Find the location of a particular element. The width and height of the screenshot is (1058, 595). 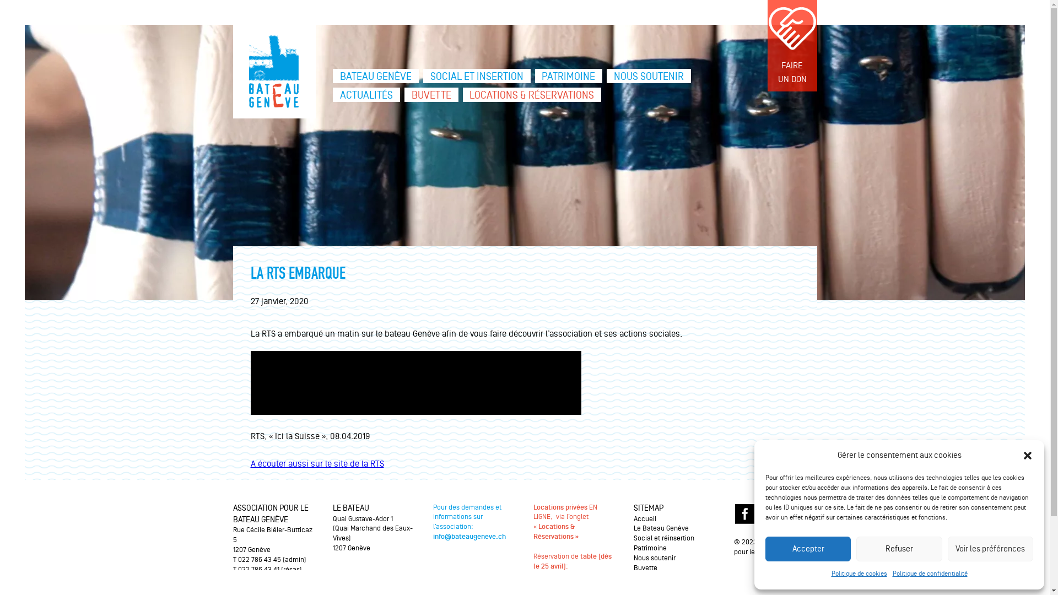

'PATRIMOINE' is located at coordinates (569, 75).